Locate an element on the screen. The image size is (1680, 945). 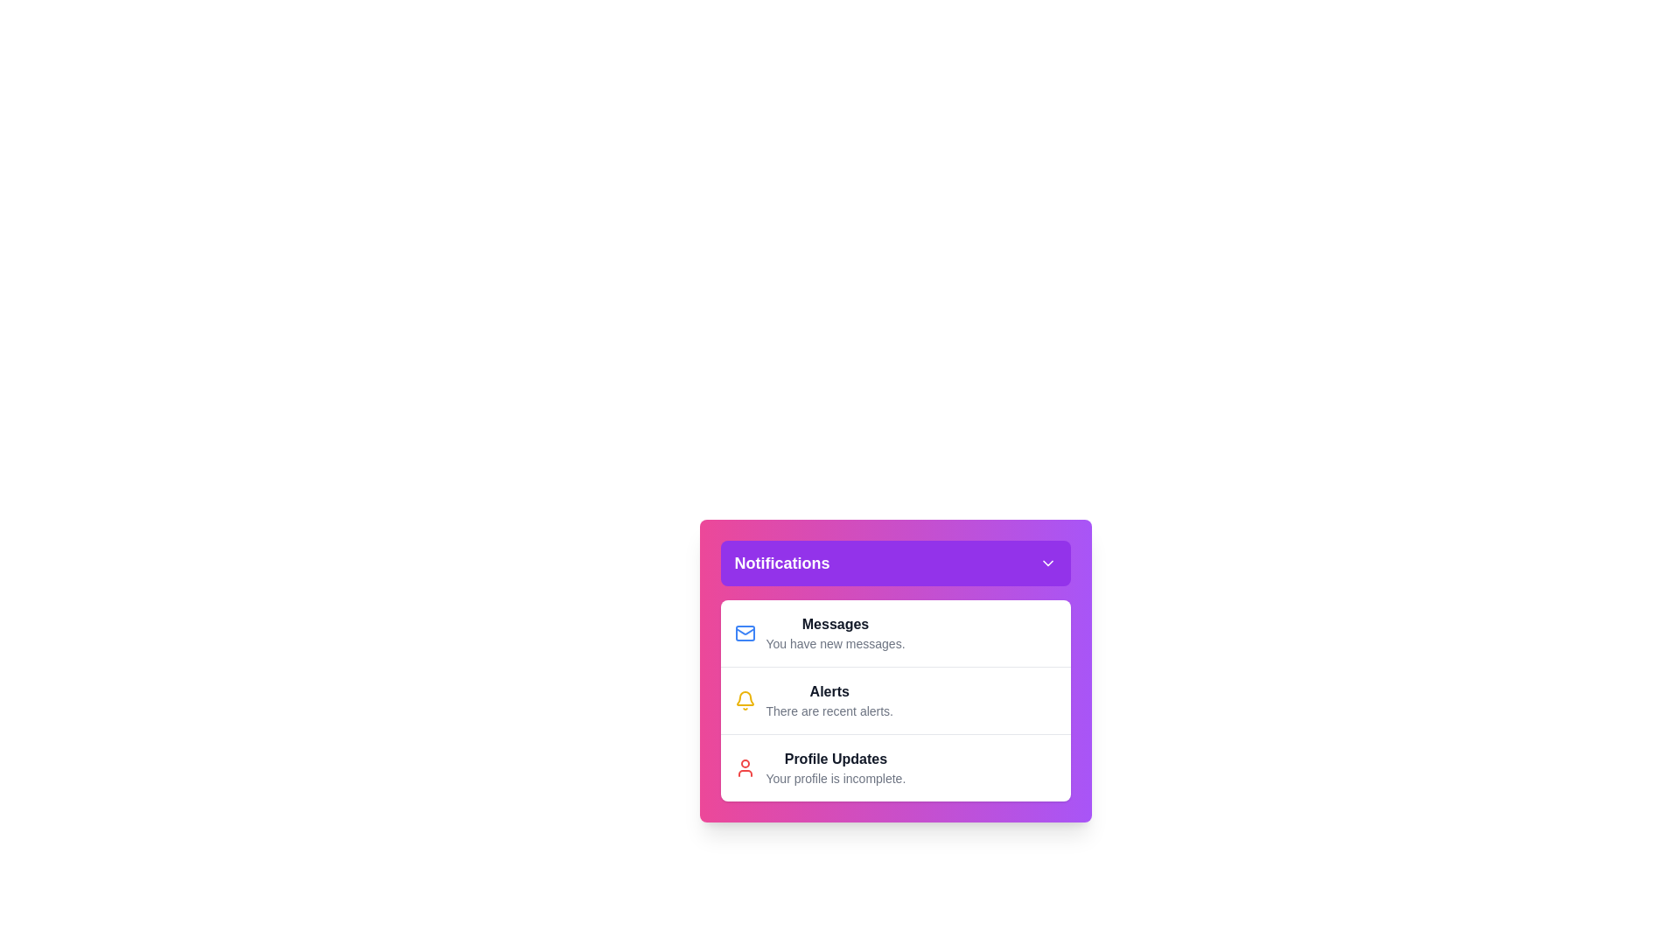
the informative text that indicates the presence of new messages, which is located under the 'Messages' title and beside a mail icon is located at coordinates (835, 644).